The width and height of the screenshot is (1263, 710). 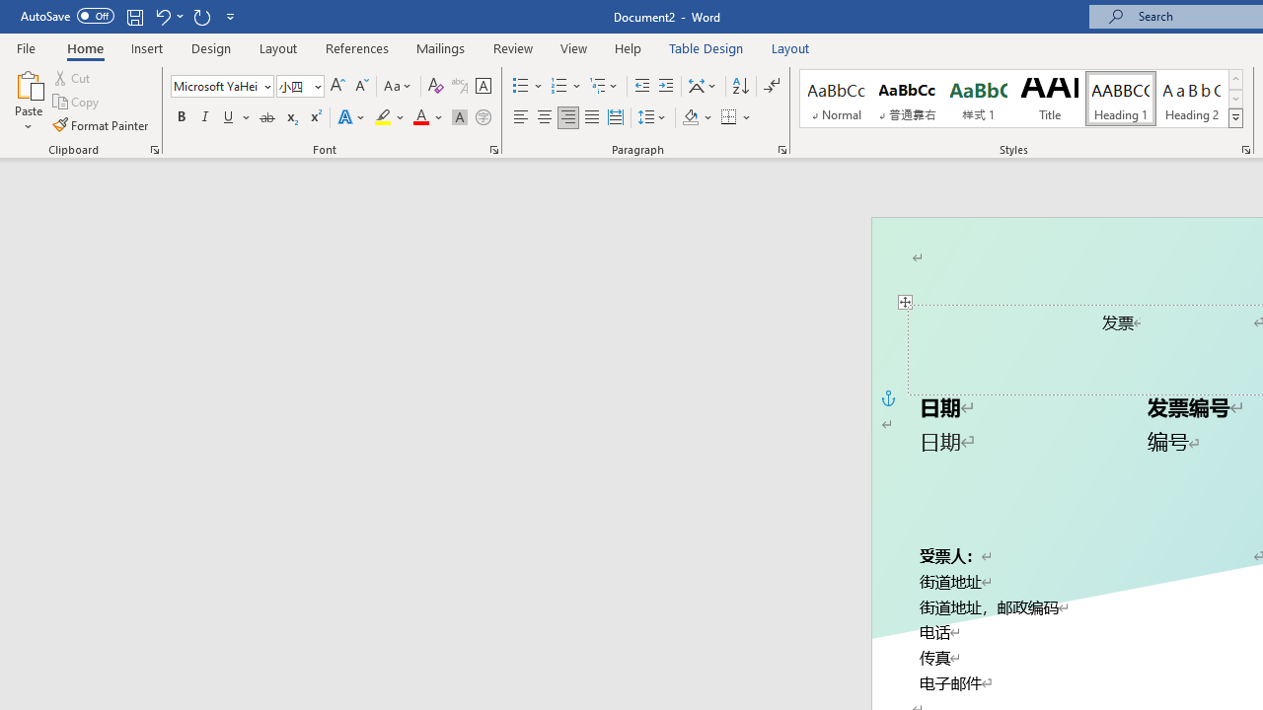 What do you see at coordinates (153, 148) in the screenshot?
I see `'Office Clipboard...'` at bounding box center [153, 148].